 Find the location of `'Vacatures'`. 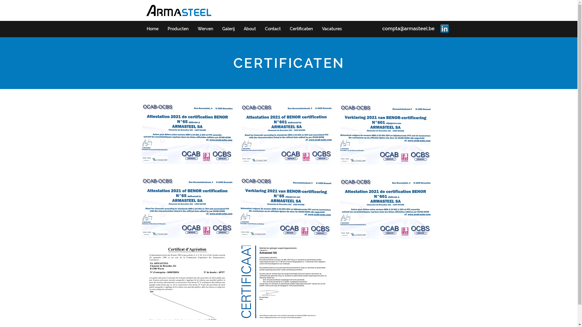

'Vacatures' is located at coordinates (331, 29).